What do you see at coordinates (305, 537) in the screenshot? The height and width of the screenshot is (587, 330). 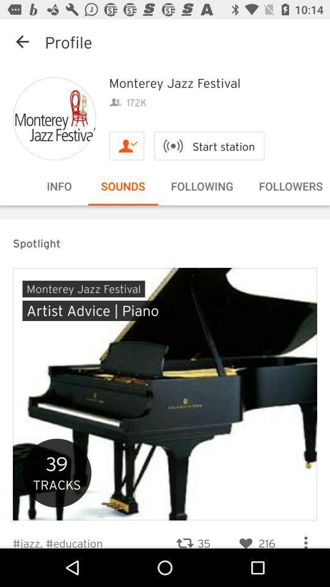 I see `open options menu` at bounding box center [305, 537].